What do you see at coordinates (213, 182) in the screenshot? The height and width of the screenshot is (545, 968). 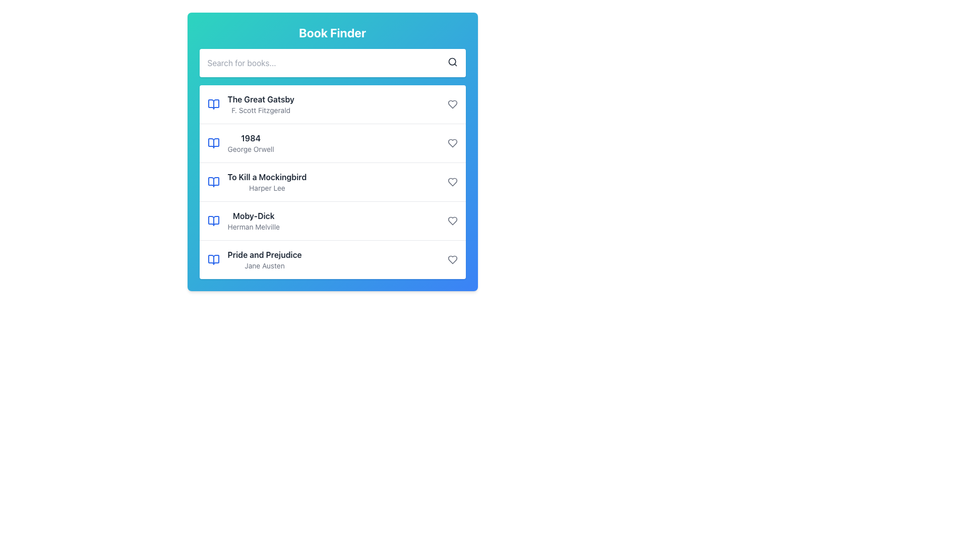 I see `the book icon located to the left of the textual content 'To Kill a Mockingbird' and 'Harper Lee' in the third item of the vertical list within the 'Book Finder' card` at bounding box center [213, 182].